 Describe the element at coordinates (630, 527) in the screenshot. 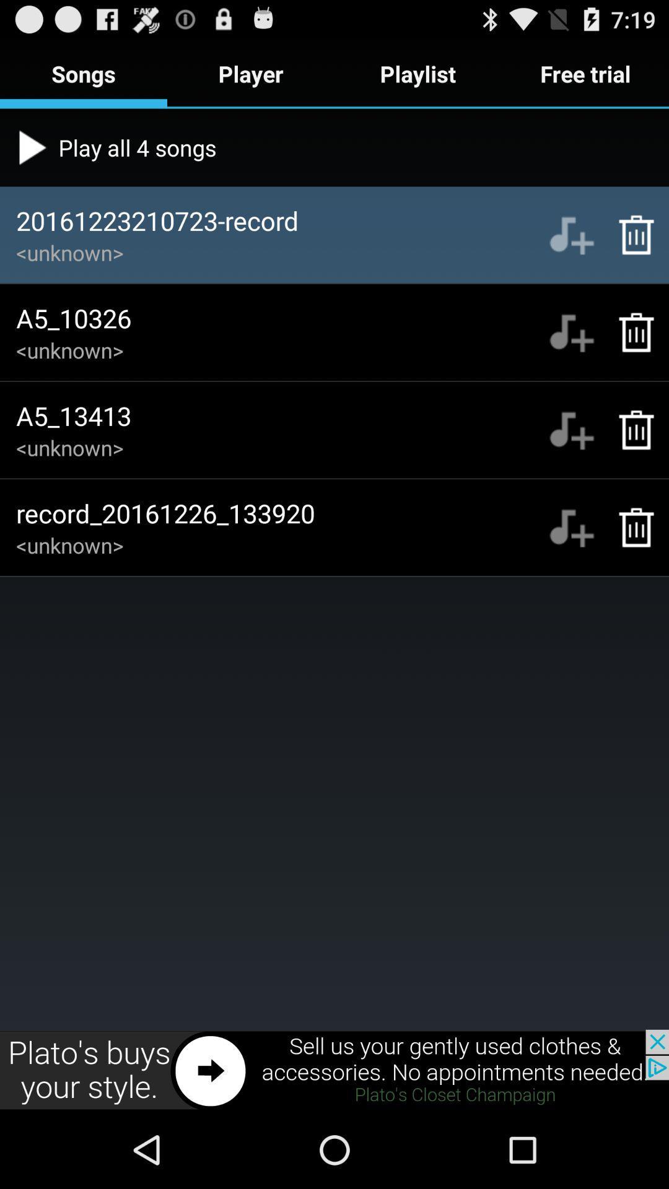

I see `place recording in recycle bin` at that location.